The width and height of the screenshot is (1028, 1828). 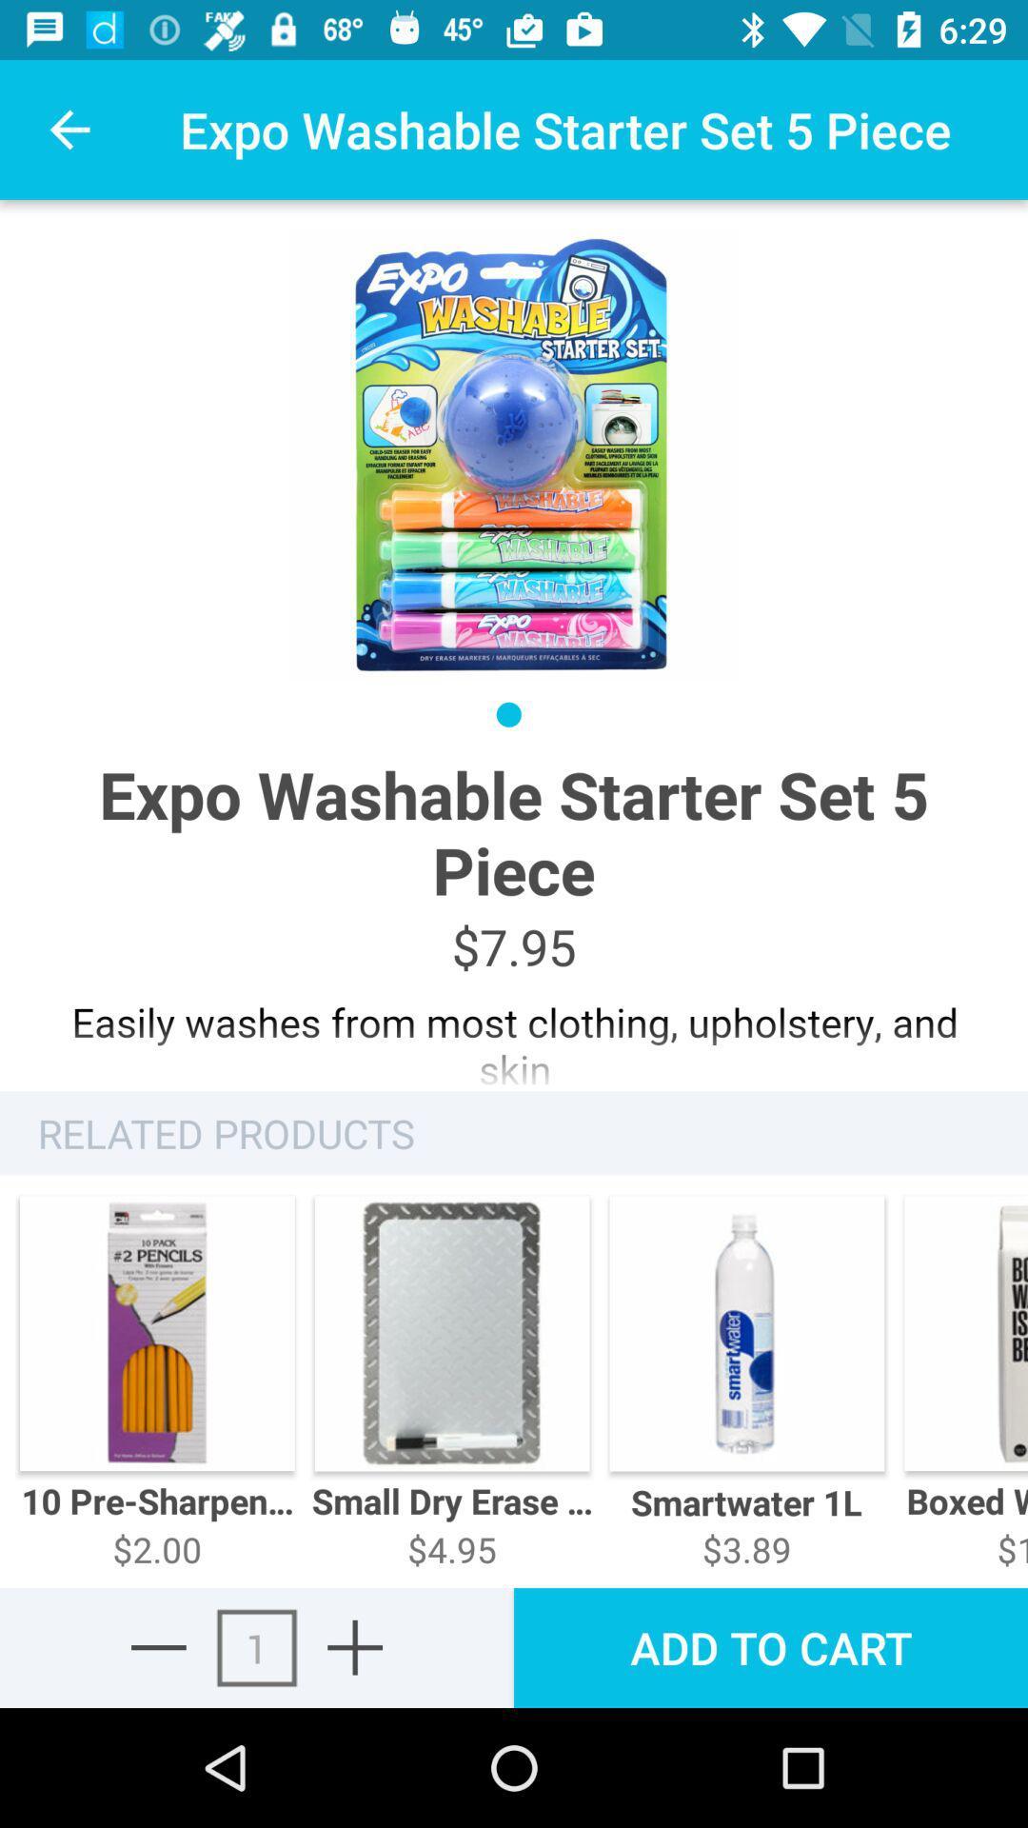 I want to click on item details, so click(x=514, y=1034).